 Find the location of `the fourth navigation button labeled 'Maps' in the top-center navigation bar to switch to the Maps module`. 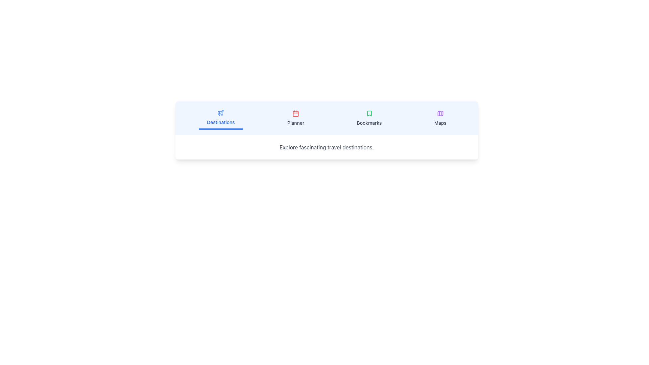

the fourth navigation button labeled 'Maps' in the top-center navigation bar to switch to the Maps module is located at coordinates (440, 118).